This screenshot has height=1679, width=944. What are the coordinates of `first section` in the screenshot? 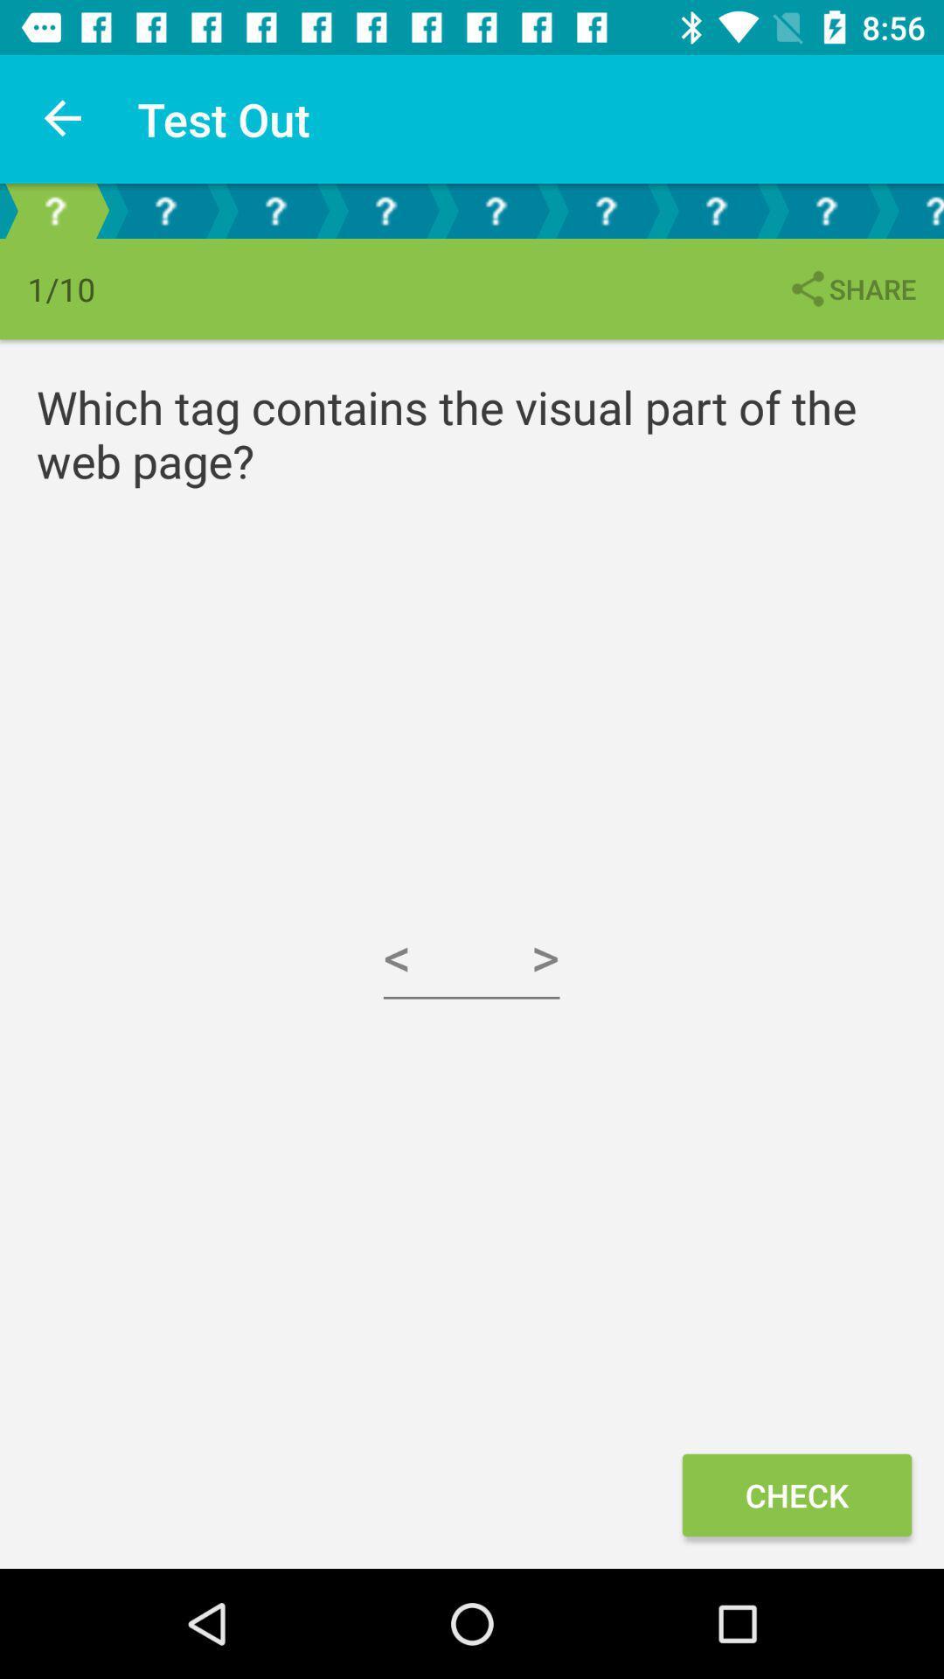 It's located at (53, 210).